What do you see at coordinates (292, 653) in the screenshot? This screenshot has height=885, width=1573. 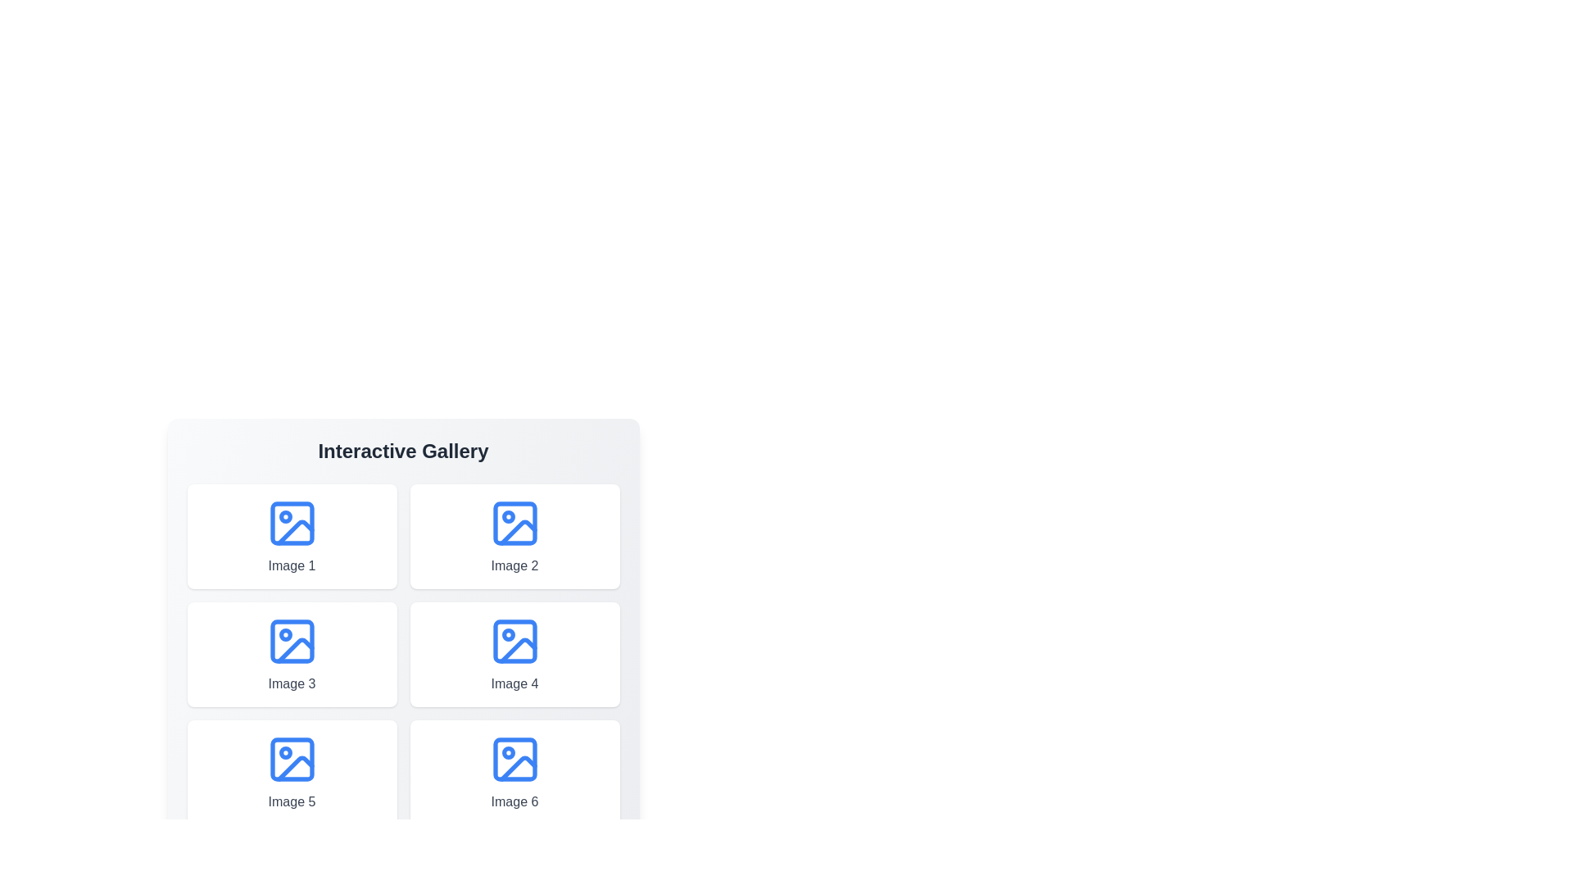 I see `the image labeled Image 3 to view its details` at bounding box center [292, 653].